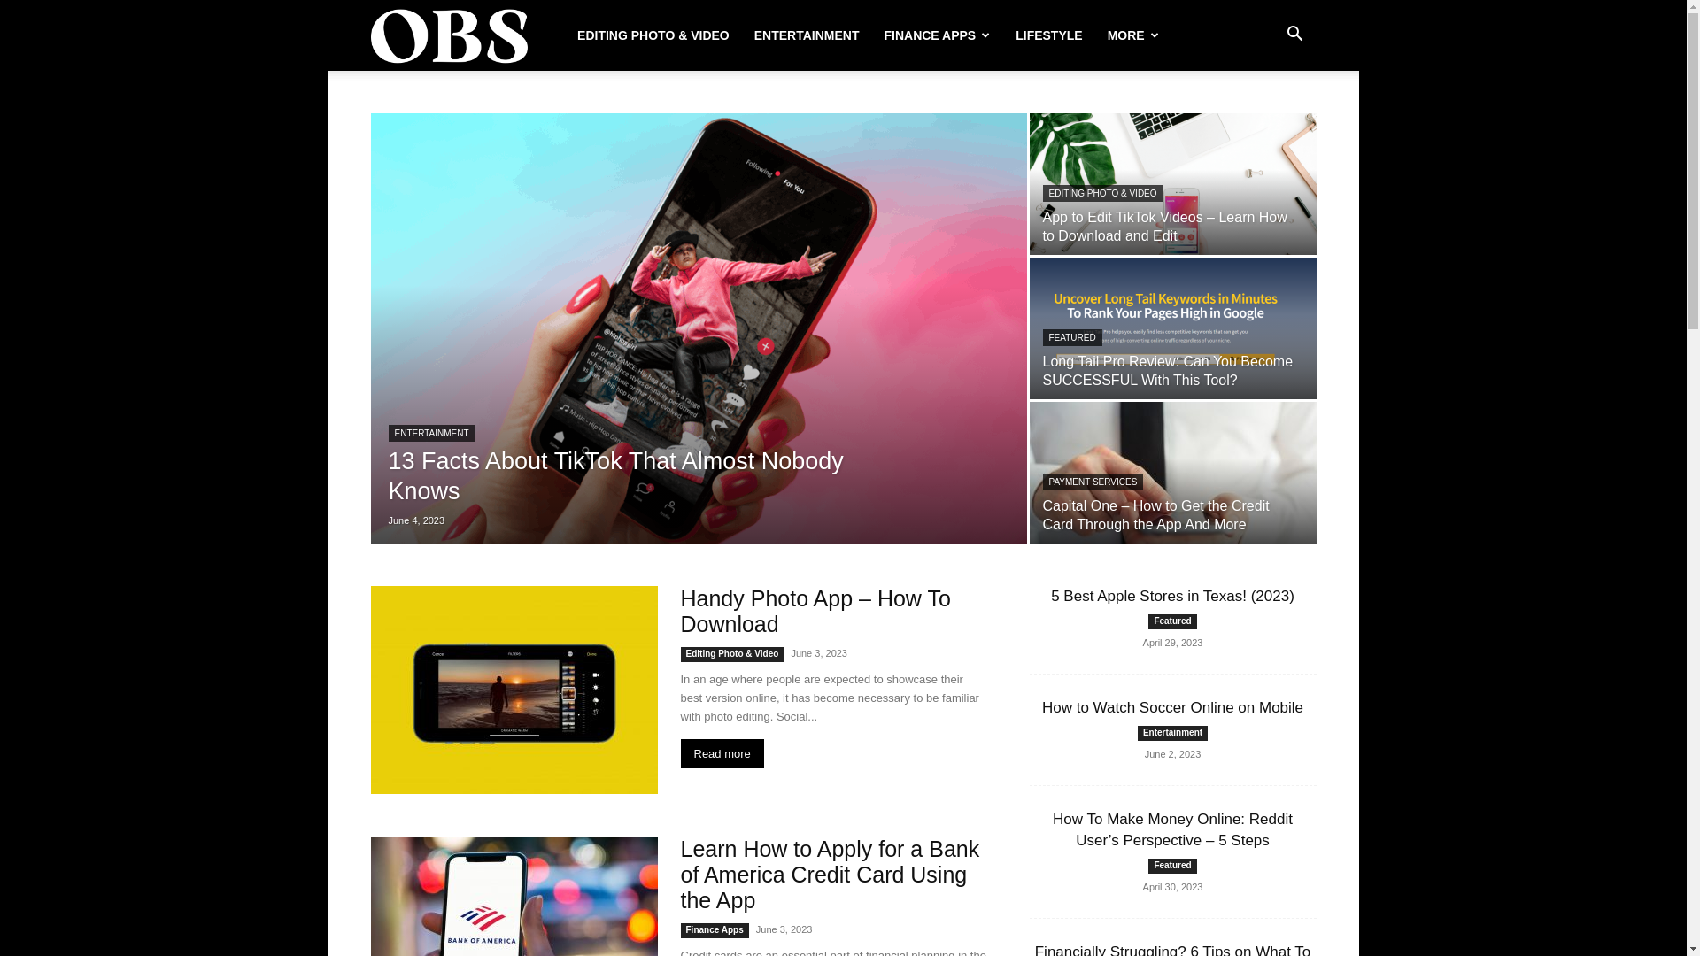 This screenshot has height=956, width=1700. Describe the element at coordinates (1092, 482) in the screenshot. I see `'PAYMENT SERVICES'` at that location.